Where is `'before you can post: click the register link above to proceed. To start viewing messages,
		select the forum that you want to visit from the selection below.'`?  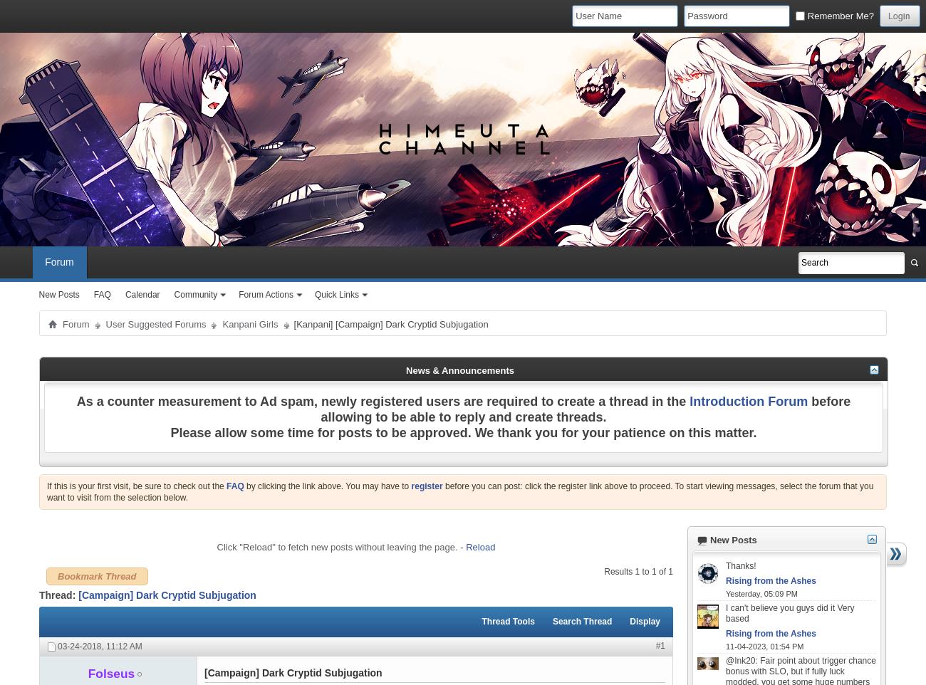 'before you can post: click the register link above to proceed. To start viewing messages,
		select the forum that you want to visit from the selection below.' is located at coordinates (459, 491).